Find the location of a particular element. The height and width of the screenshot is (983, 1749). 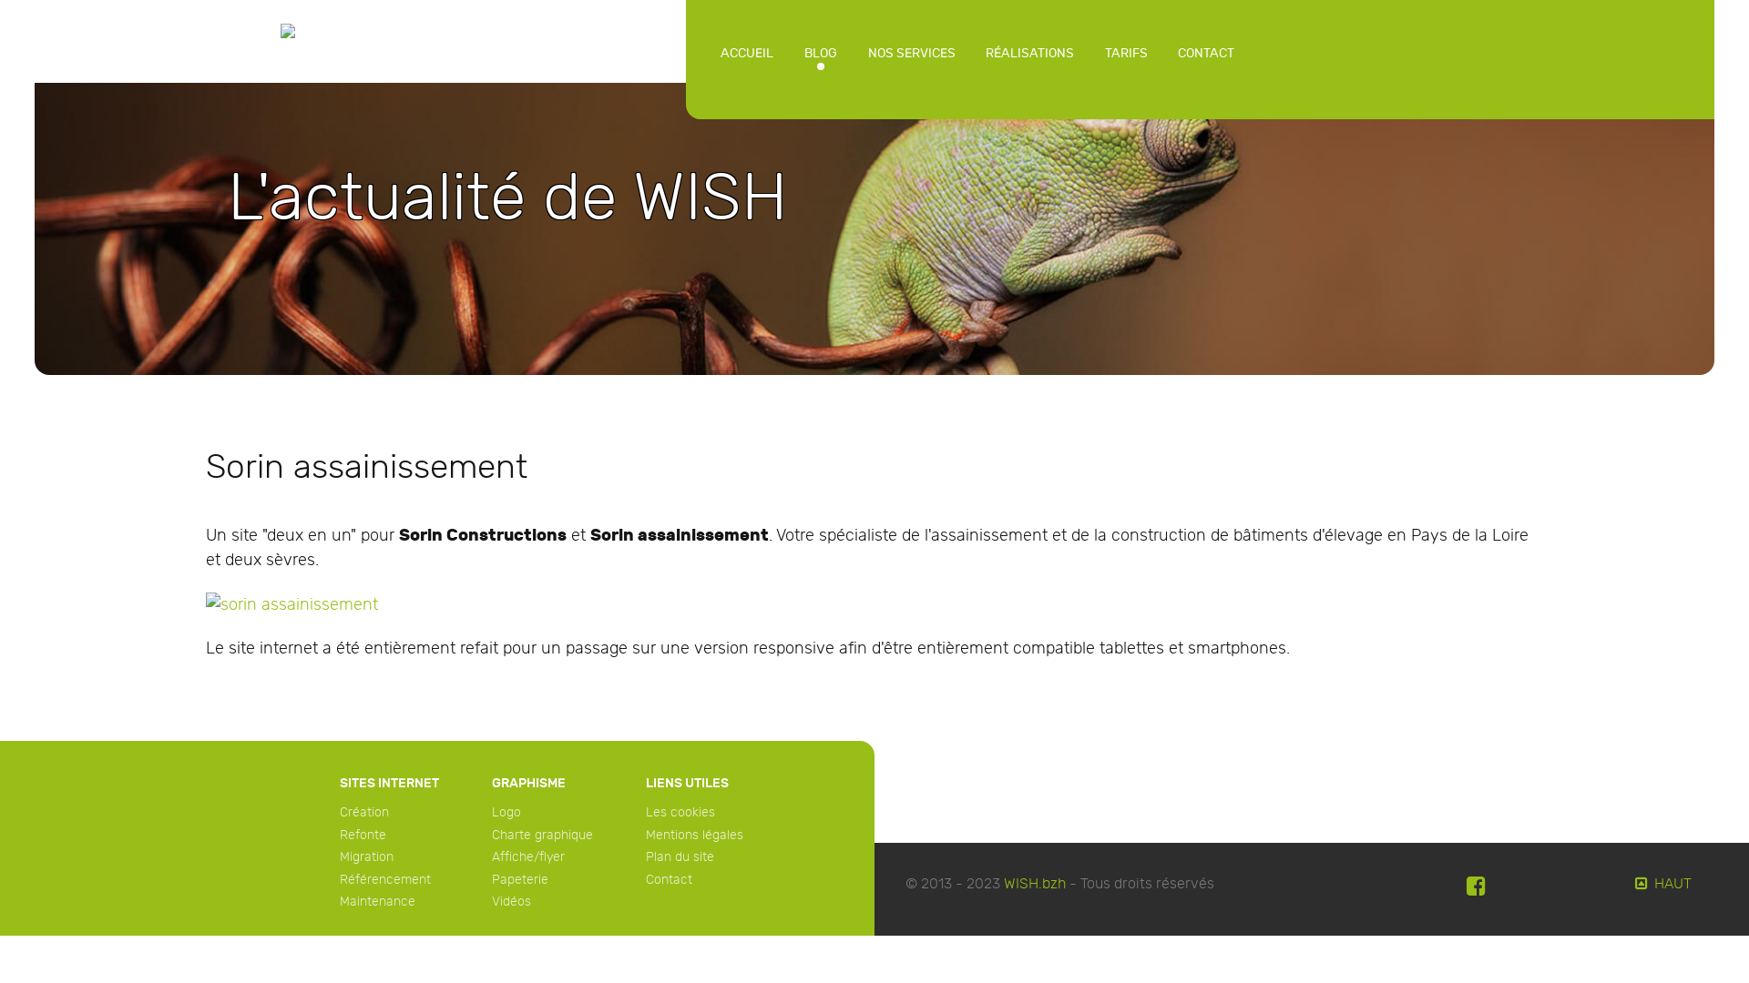

'ACCUEIL' is located at coordinates (747, 52).